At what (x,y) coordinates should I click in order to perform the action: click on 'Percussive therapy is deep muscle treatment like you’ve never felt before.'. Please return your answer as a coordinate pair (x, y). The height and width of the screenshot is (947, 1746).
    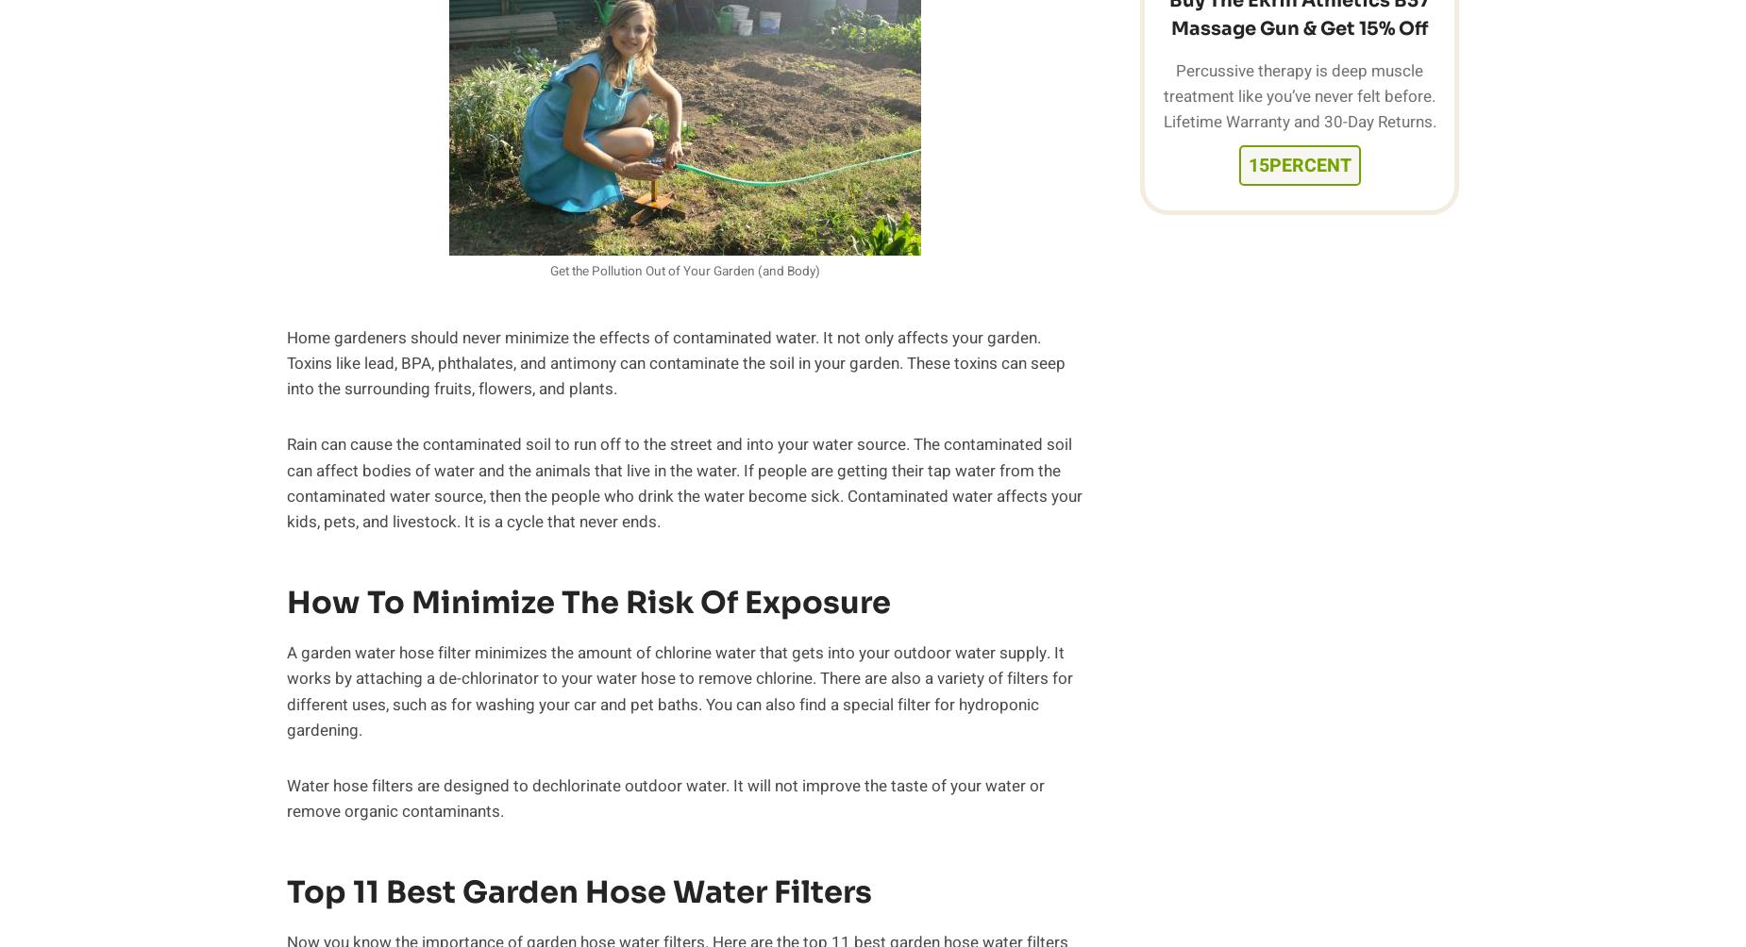
    Looking at the image, I should click on (1298, 84).